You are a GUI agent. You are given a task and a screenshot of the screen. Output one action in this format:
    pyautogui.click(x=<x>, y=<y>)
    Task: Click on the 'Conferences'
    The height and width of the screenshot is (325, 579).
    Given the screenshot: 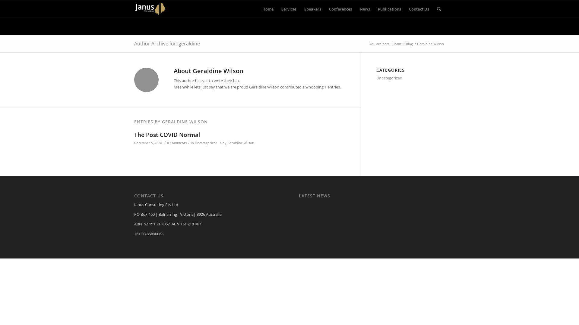 What is the action you would take?
    pyautogui.click(x=340, y=9)
    